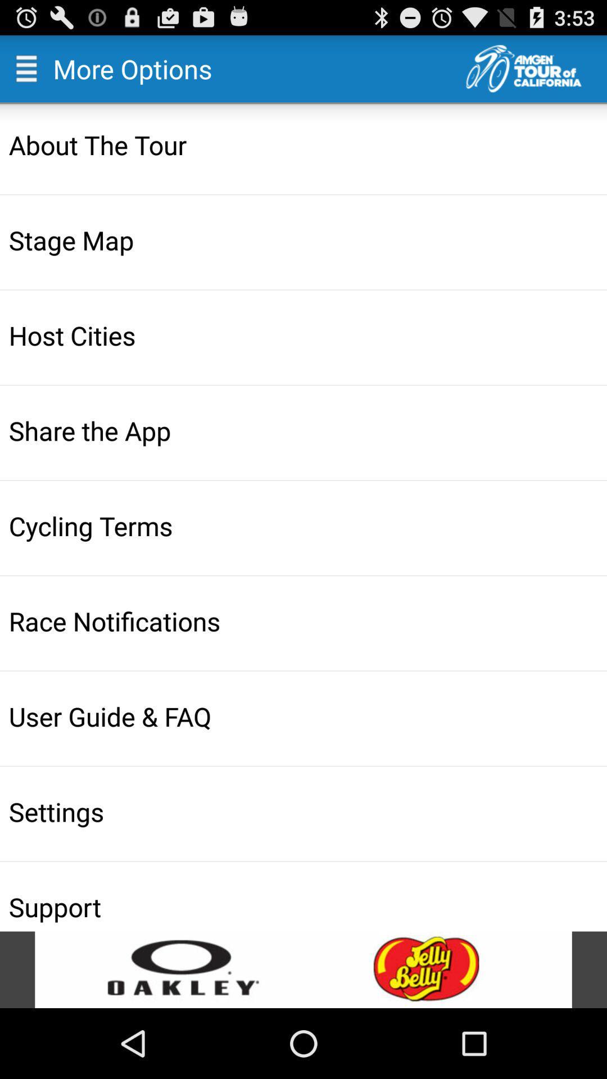 This screenshot has width=607, height=1079. Describe the element at coordinates (303, 969) in the screenshot. I see `open advertisement` at that location.